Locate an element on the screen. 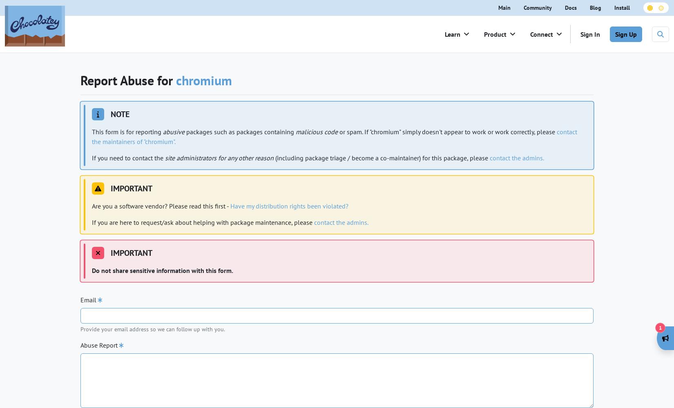 Image resolution: width=674 pixels, height=408 pixels. 'Abuse Report' is located at coordinates (80, 345).